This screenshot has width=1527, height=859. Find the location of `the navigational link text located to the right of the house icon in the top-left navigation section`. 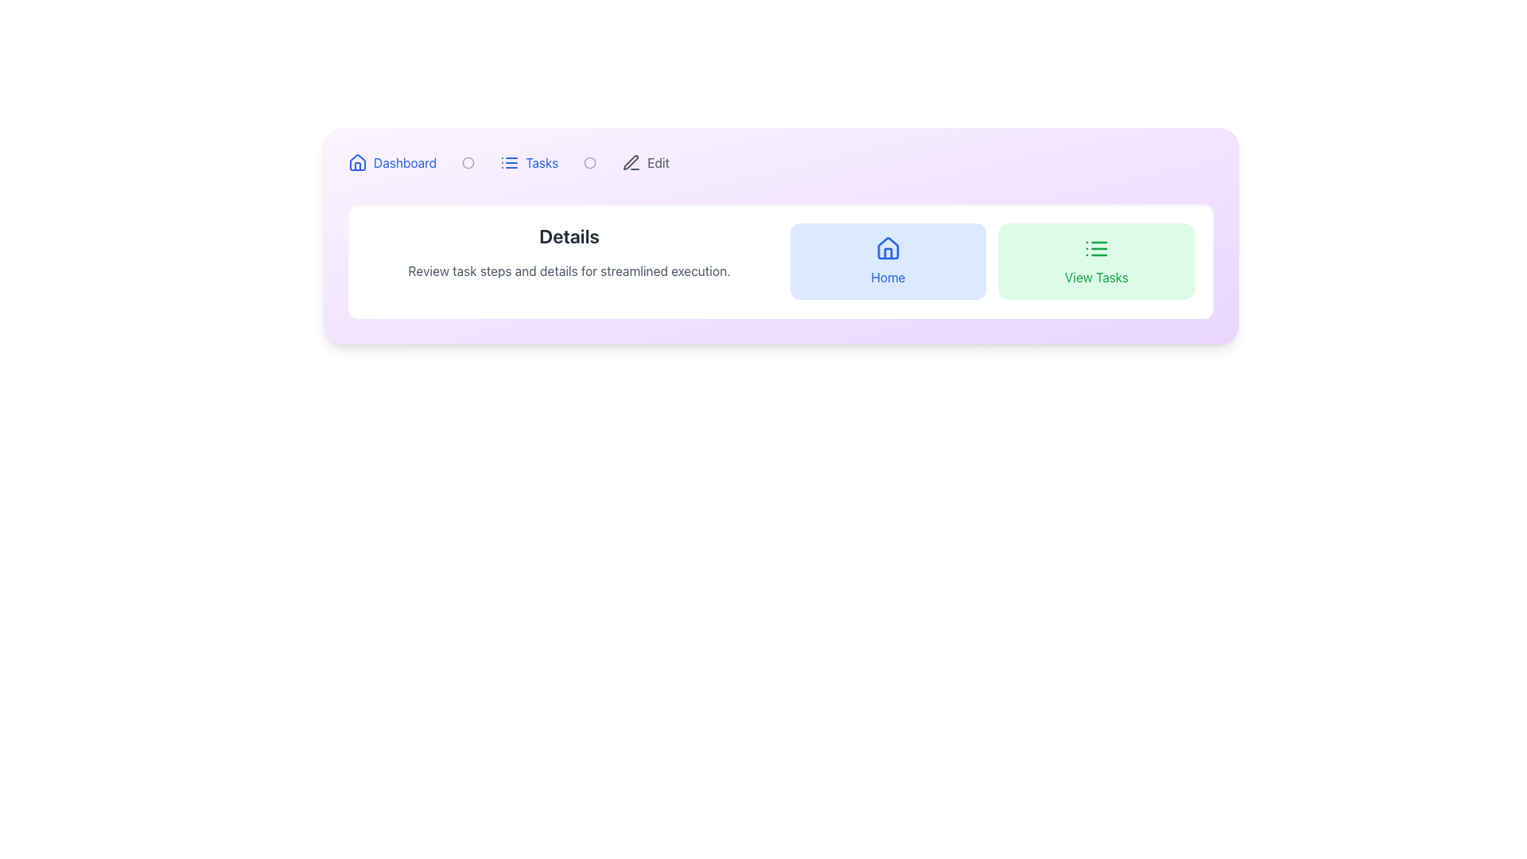

the navigational link text located to the right of the house icon in the top-left navigation section is located at coordinates (405, 162).